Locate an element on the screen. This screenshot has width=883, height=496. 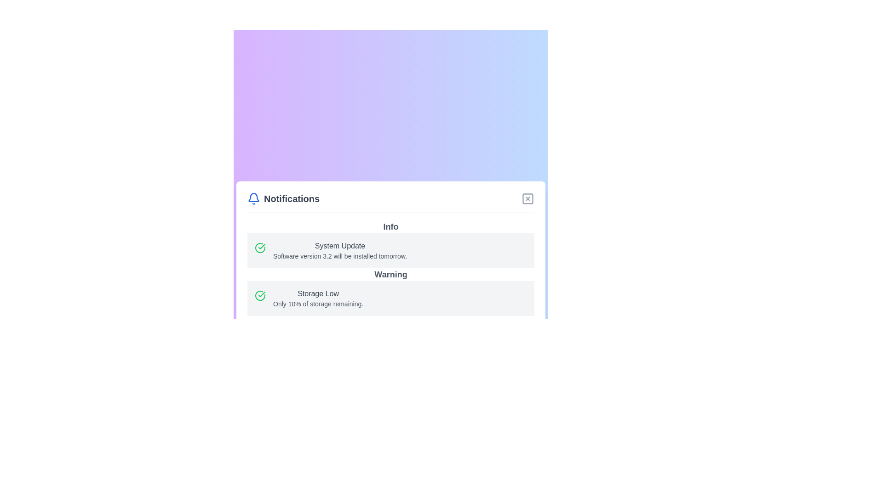
the warning notification titled 'Warning' that displays the message 'Storage Low' and is styled with a green checkmark icon, located in the notification panel is located at coordinates (390, 292).